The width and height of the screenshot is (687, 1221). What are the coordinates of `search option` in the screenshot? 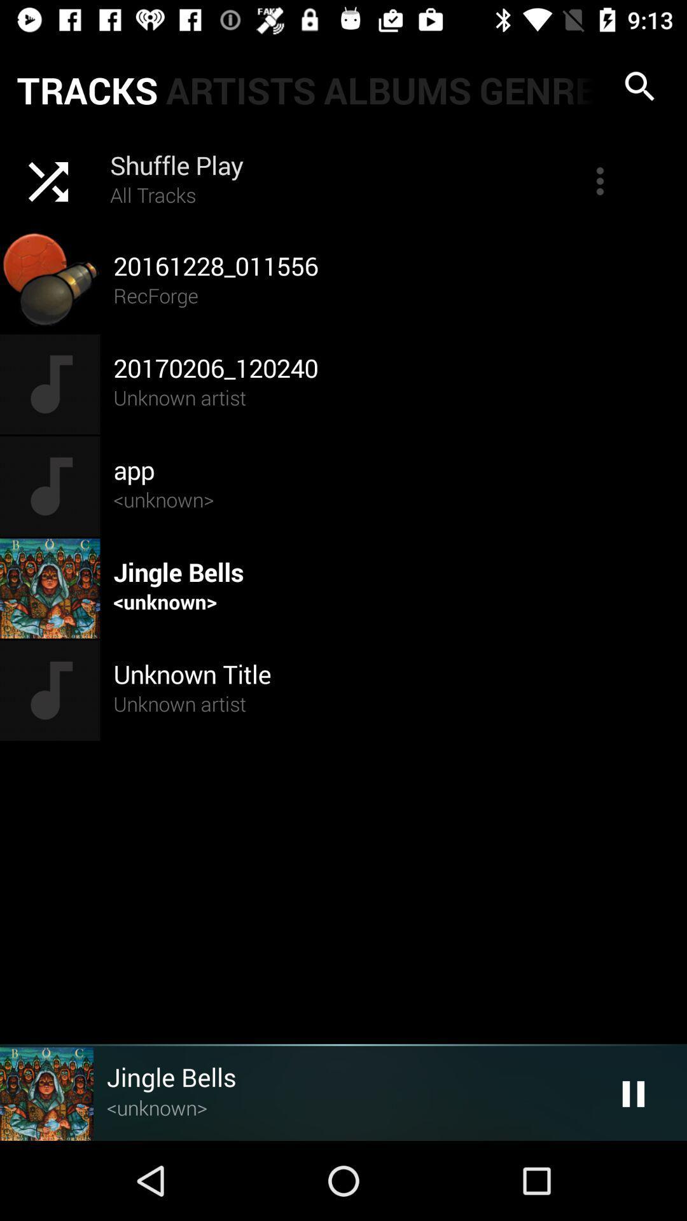 It's located at (640, 86).